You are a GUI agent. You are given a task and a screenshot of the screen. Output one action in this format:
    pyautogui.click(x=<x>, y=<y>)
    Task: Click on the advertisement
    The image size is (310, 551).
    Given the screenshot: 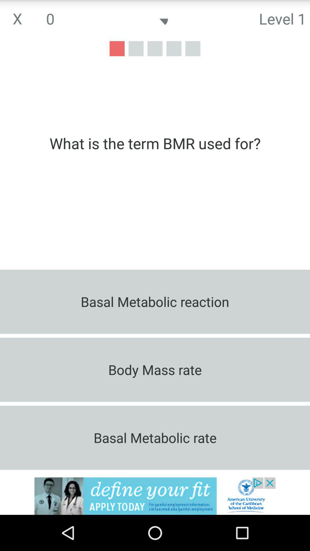 What is the action you would take?
    pyautogui.click(x=155, y=496)
    